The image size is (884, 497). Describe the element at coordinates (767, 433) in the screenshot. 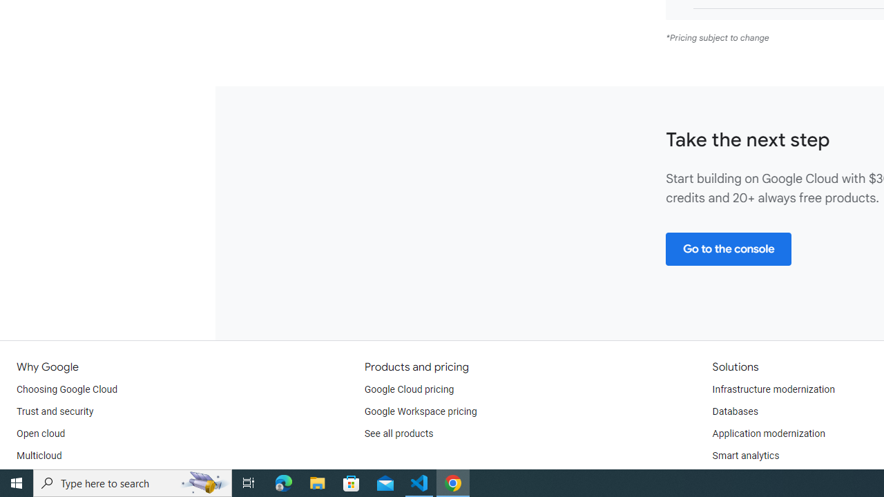

I see `'Application modernization'` at that location.